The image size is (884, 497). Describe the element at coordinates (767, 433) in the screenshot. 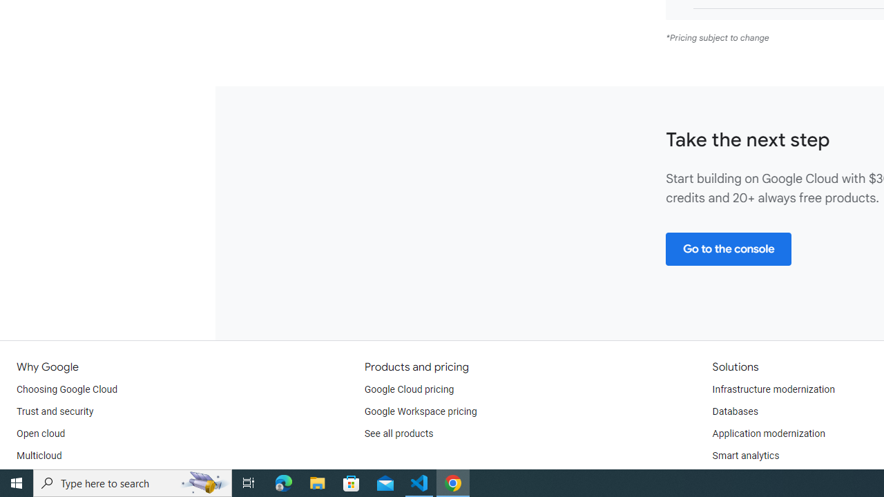

I see `'Application modernization'` at that location.